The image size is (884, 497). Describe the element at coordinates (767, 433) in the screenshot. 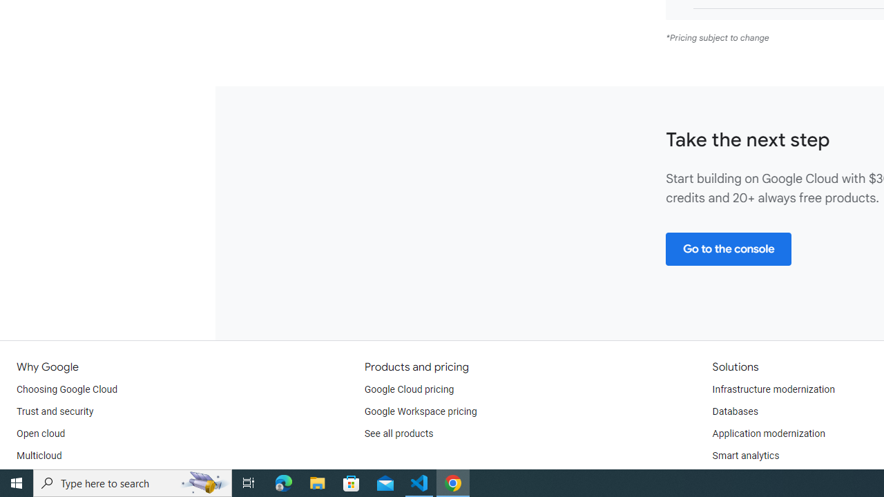

I see `'Application modernization'` at that location.